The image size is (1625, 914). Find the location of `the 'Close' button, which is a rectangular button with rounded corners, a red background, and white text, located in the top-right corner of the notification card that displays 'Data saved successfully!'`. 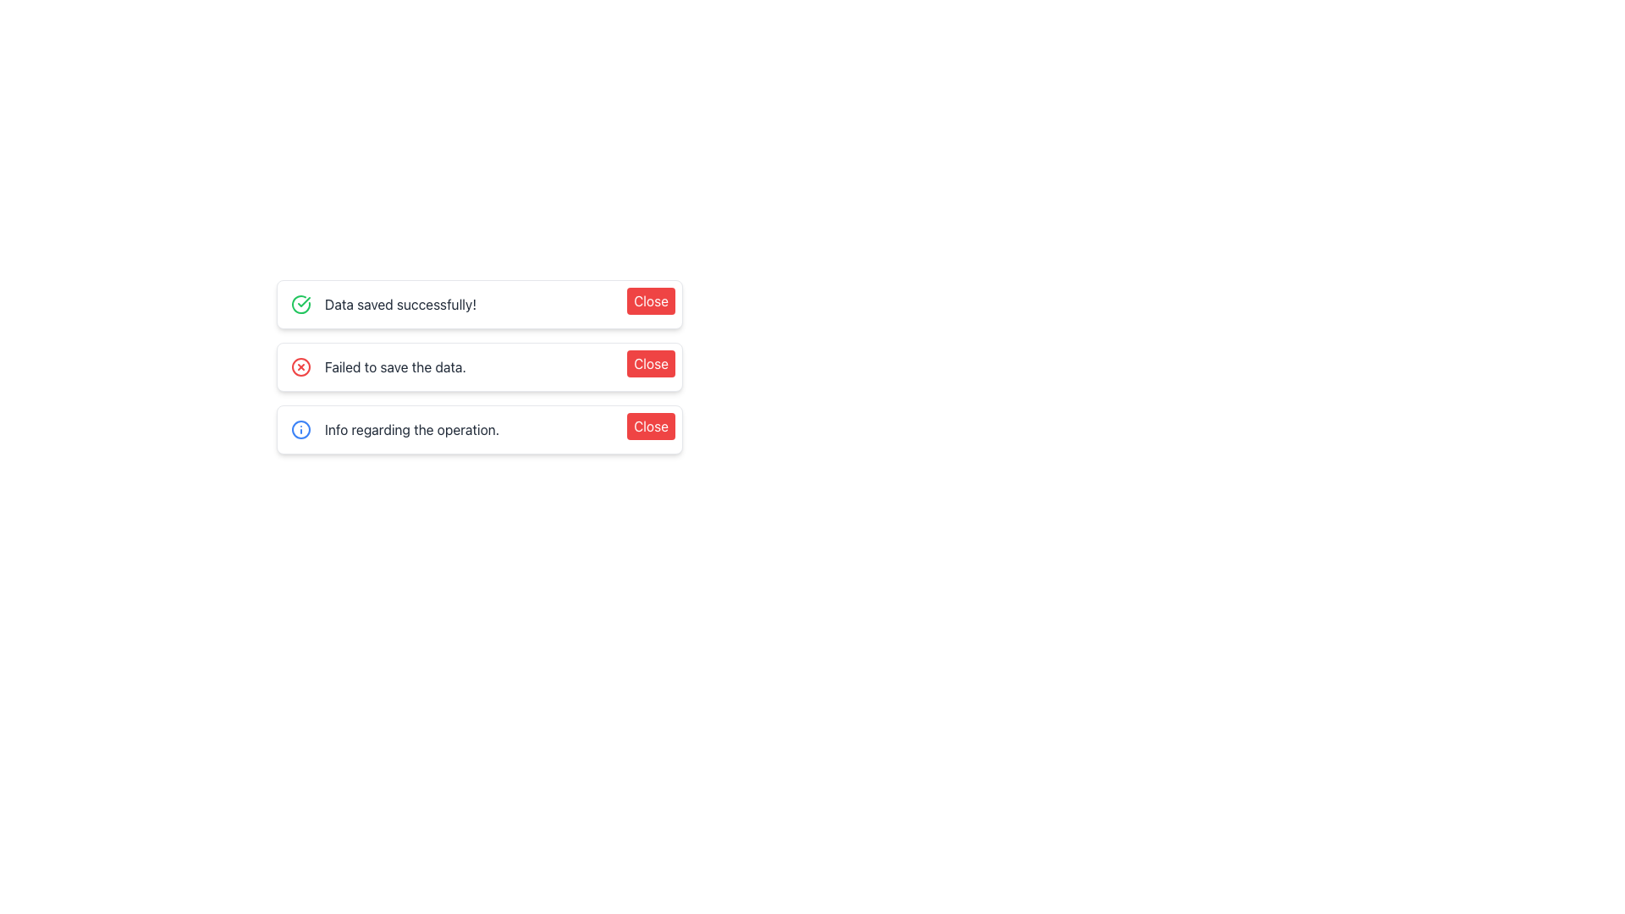

the 'Close' button, which is a rectangular button with rounded corners, a red background, and white text, located in the top-right corner of the notification card that displays 'Data saved successfully!' is located at coordinates (650, 300).